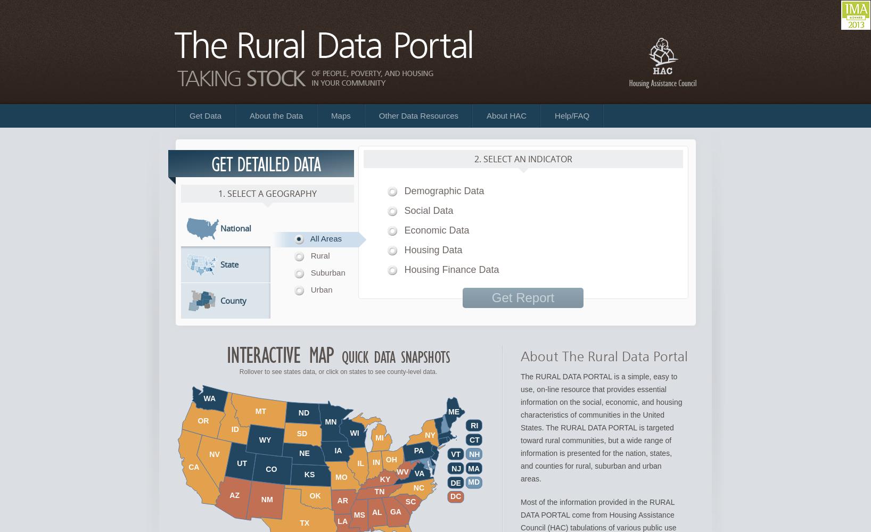 The width and height of the screenshot is (871, 532). Describe the element at coordinates (298, 453) in the screenshot. I see `'NE'` at that location.